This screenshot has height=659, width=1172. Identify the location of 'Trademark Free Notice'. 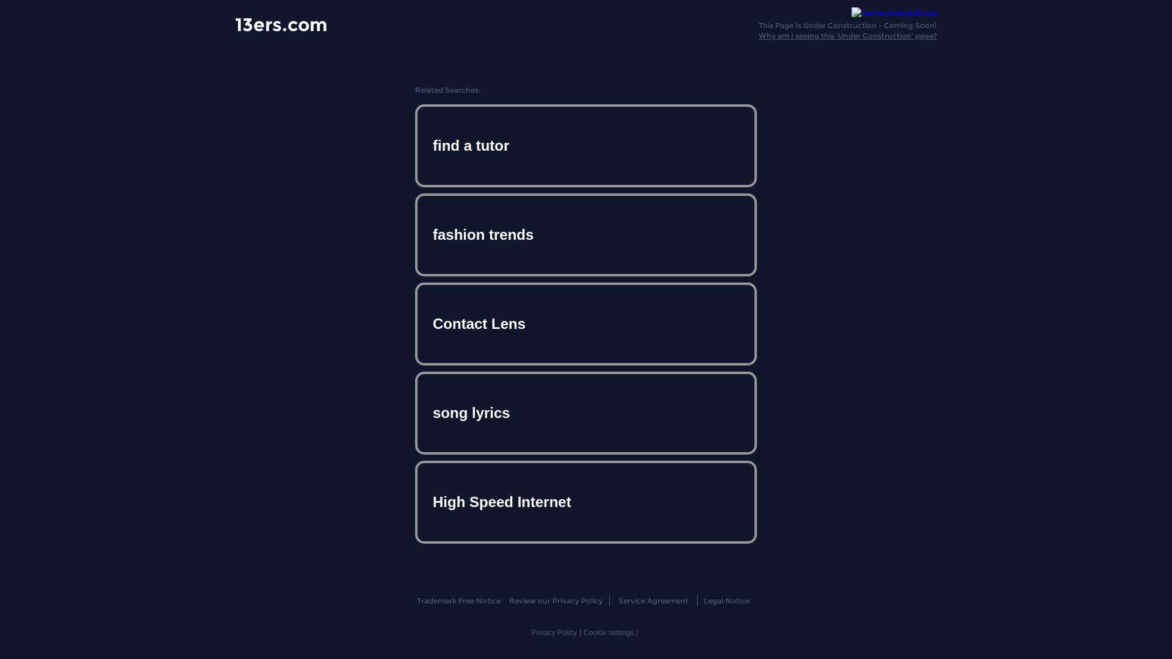
(416, 600).